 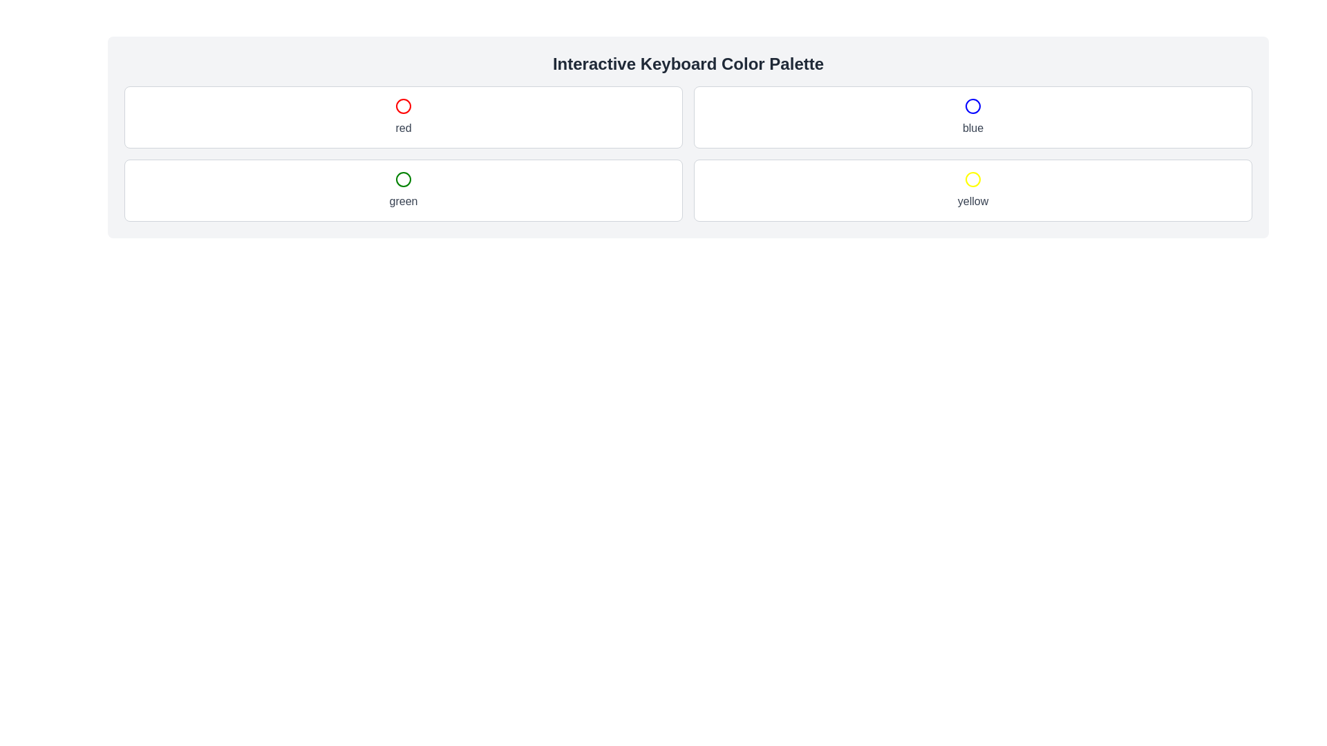 I want to click on the interactive card labeled 'red' with a red circular icon at the top, so click(x=403, y=116).